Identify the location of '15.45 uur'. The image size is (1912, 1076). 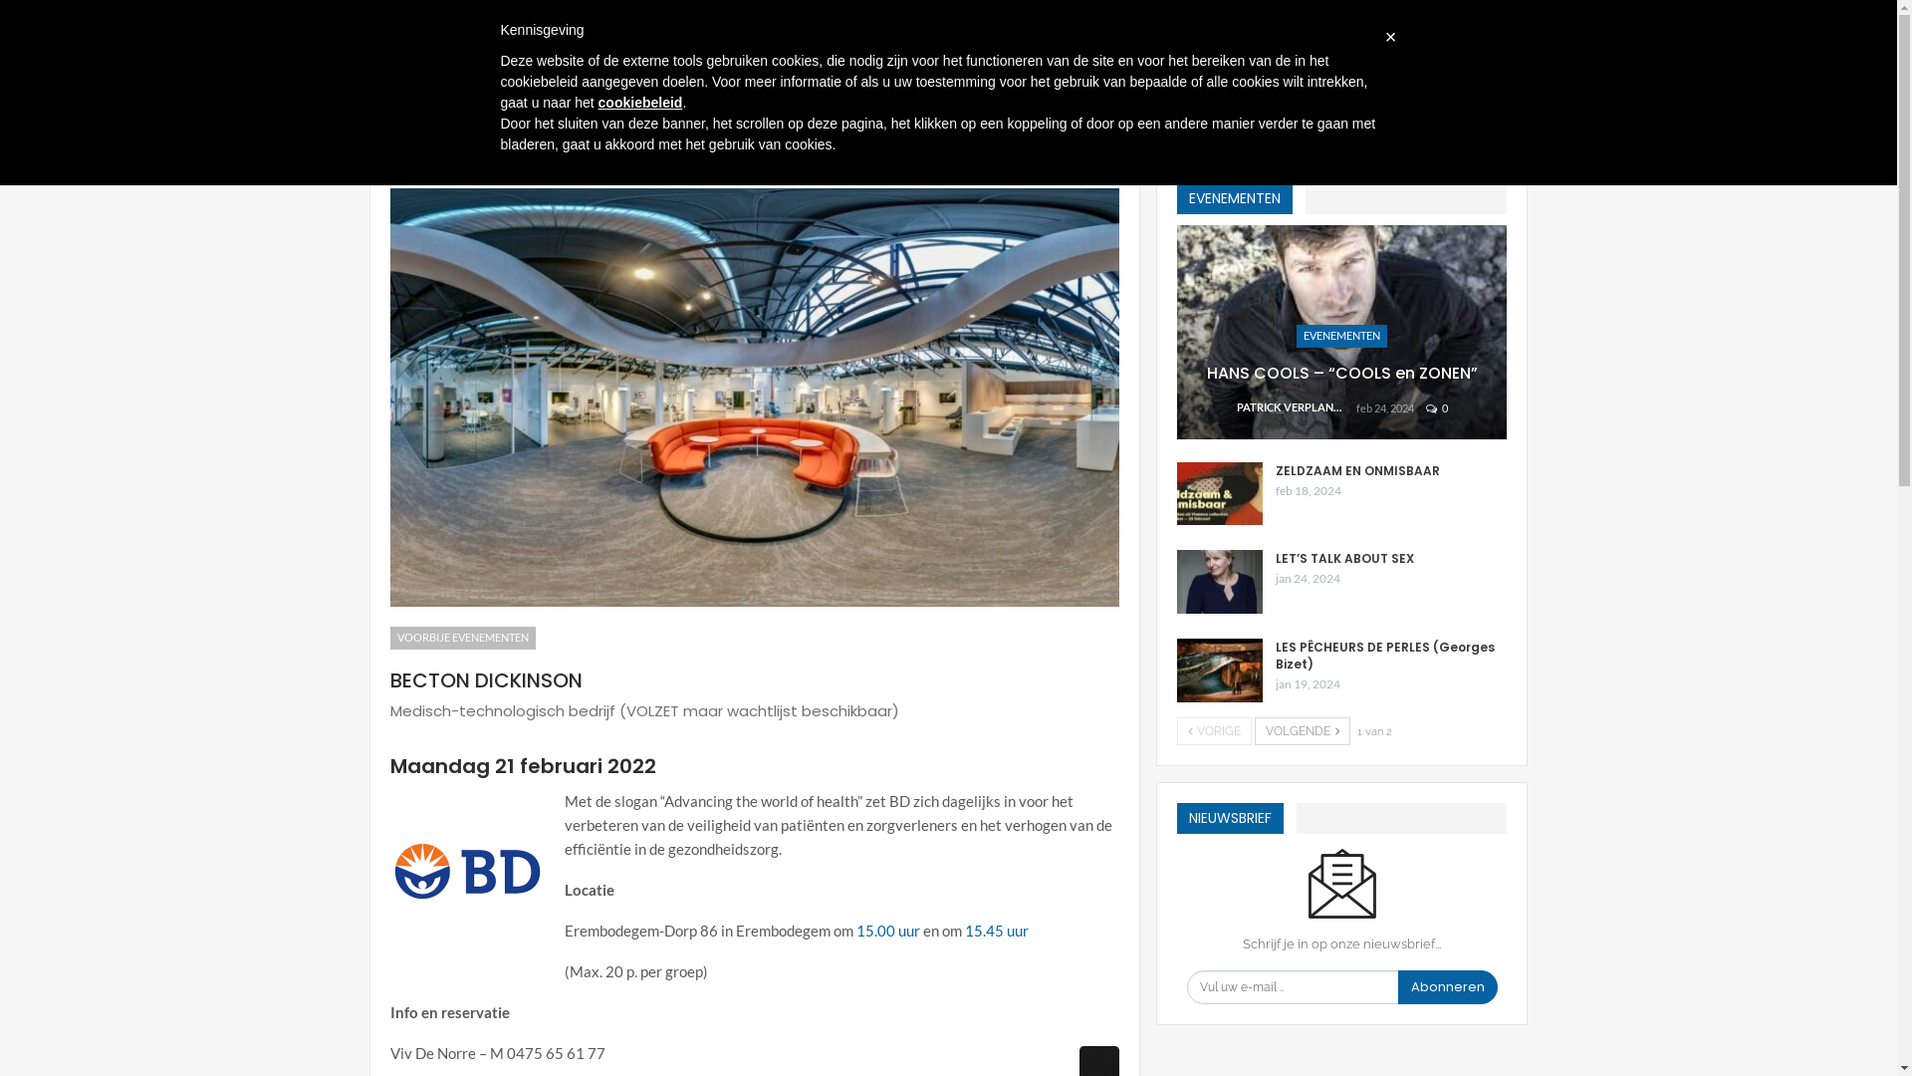
(995, 930).